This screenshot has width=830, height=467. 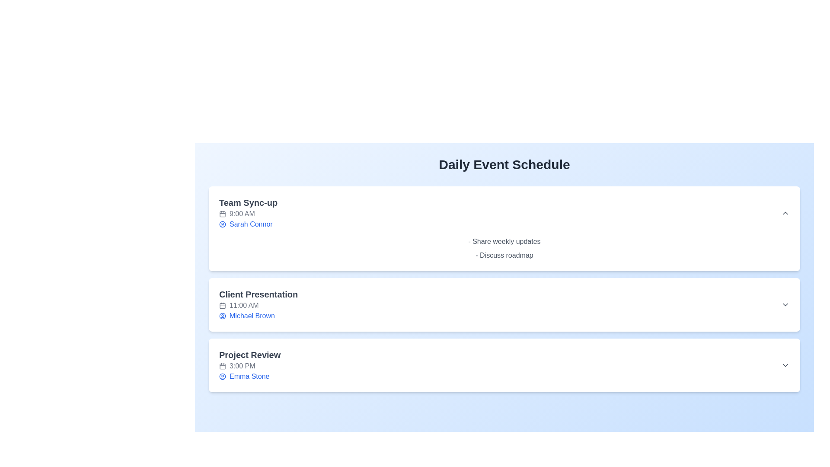 What do you see at coordinates (222, 366) in the screenshot?
I see `the decorative rectangular element with rounded corners inside the calendar icon in the third event card, 'Project Review', located before the time '3:00 PM'` at bounding box center [222, 366].